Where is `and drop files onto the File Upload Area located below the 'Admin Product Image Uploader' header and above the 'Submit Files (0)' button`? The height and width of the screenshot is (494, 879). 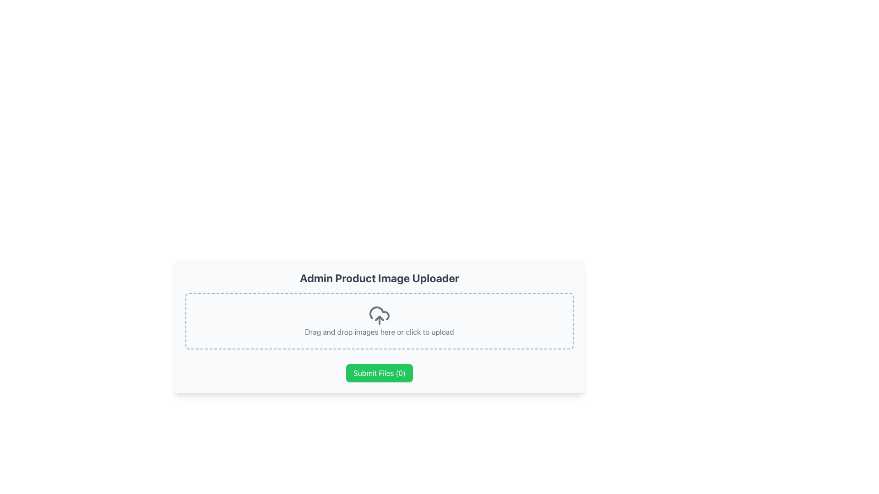 and drop files onto the File Upload Area located below the 'Admin Product Image Uploader' header and above the 'Submit Files (0)' button is located at coordinates (380, 321).